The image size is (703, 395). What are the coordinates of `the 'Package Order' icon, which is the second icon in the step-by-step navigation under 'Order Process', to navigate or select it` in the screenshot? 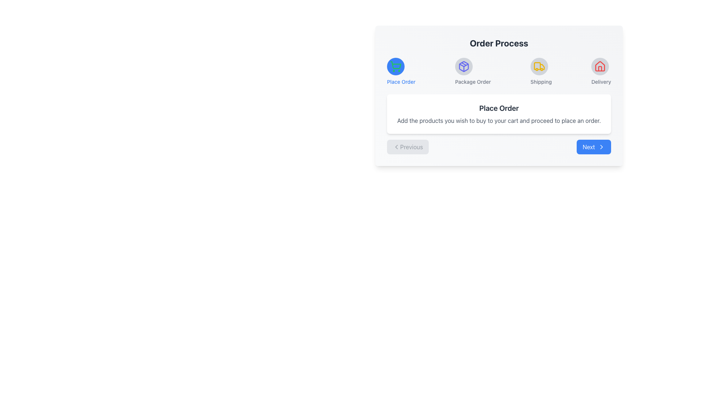 It's located at (464, 66).